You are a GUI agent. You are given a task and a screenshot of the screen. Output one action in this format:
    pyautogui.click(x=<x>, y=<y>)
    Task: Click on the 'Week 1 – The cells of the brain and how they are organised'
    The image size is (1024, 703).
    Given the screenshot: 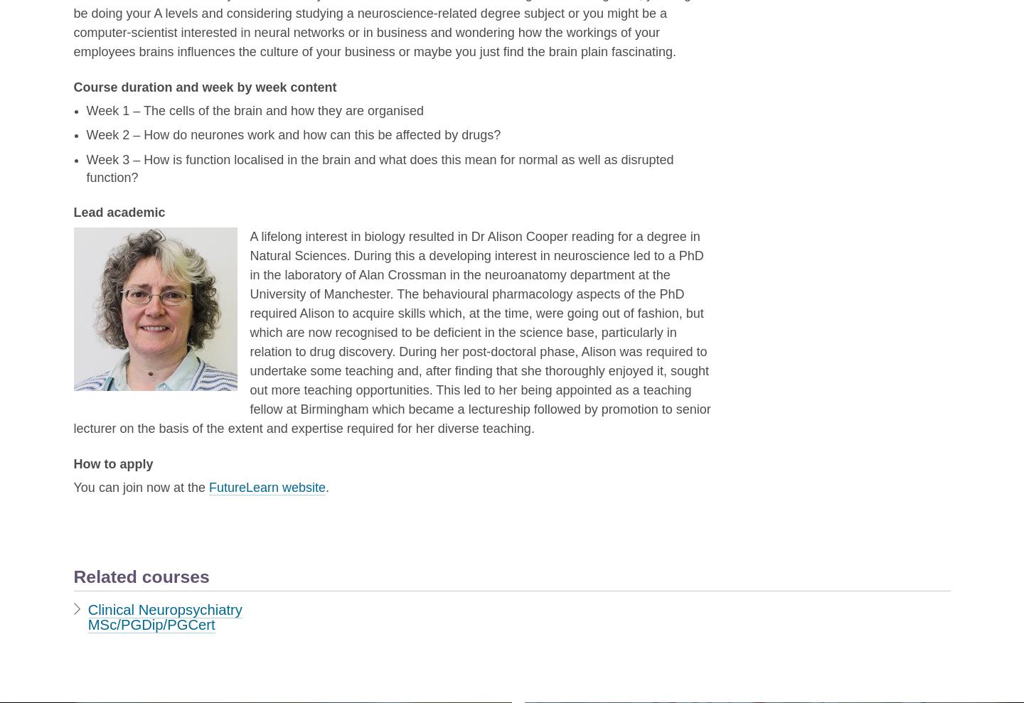 What is the action you would take?
    pyautogui.click(x=255, y=109)
    